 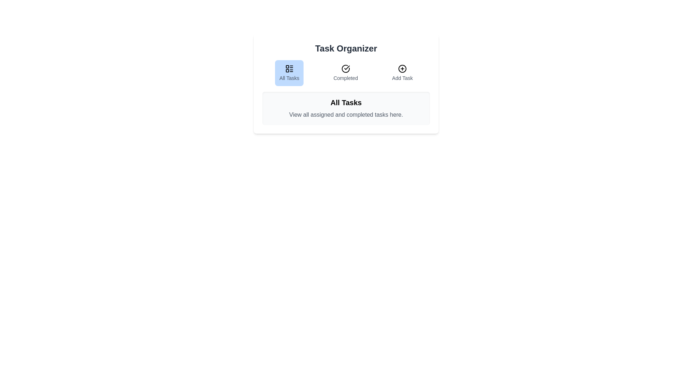 I want to click on the Completed tab to switch to its content, so click(x=345, y=73).